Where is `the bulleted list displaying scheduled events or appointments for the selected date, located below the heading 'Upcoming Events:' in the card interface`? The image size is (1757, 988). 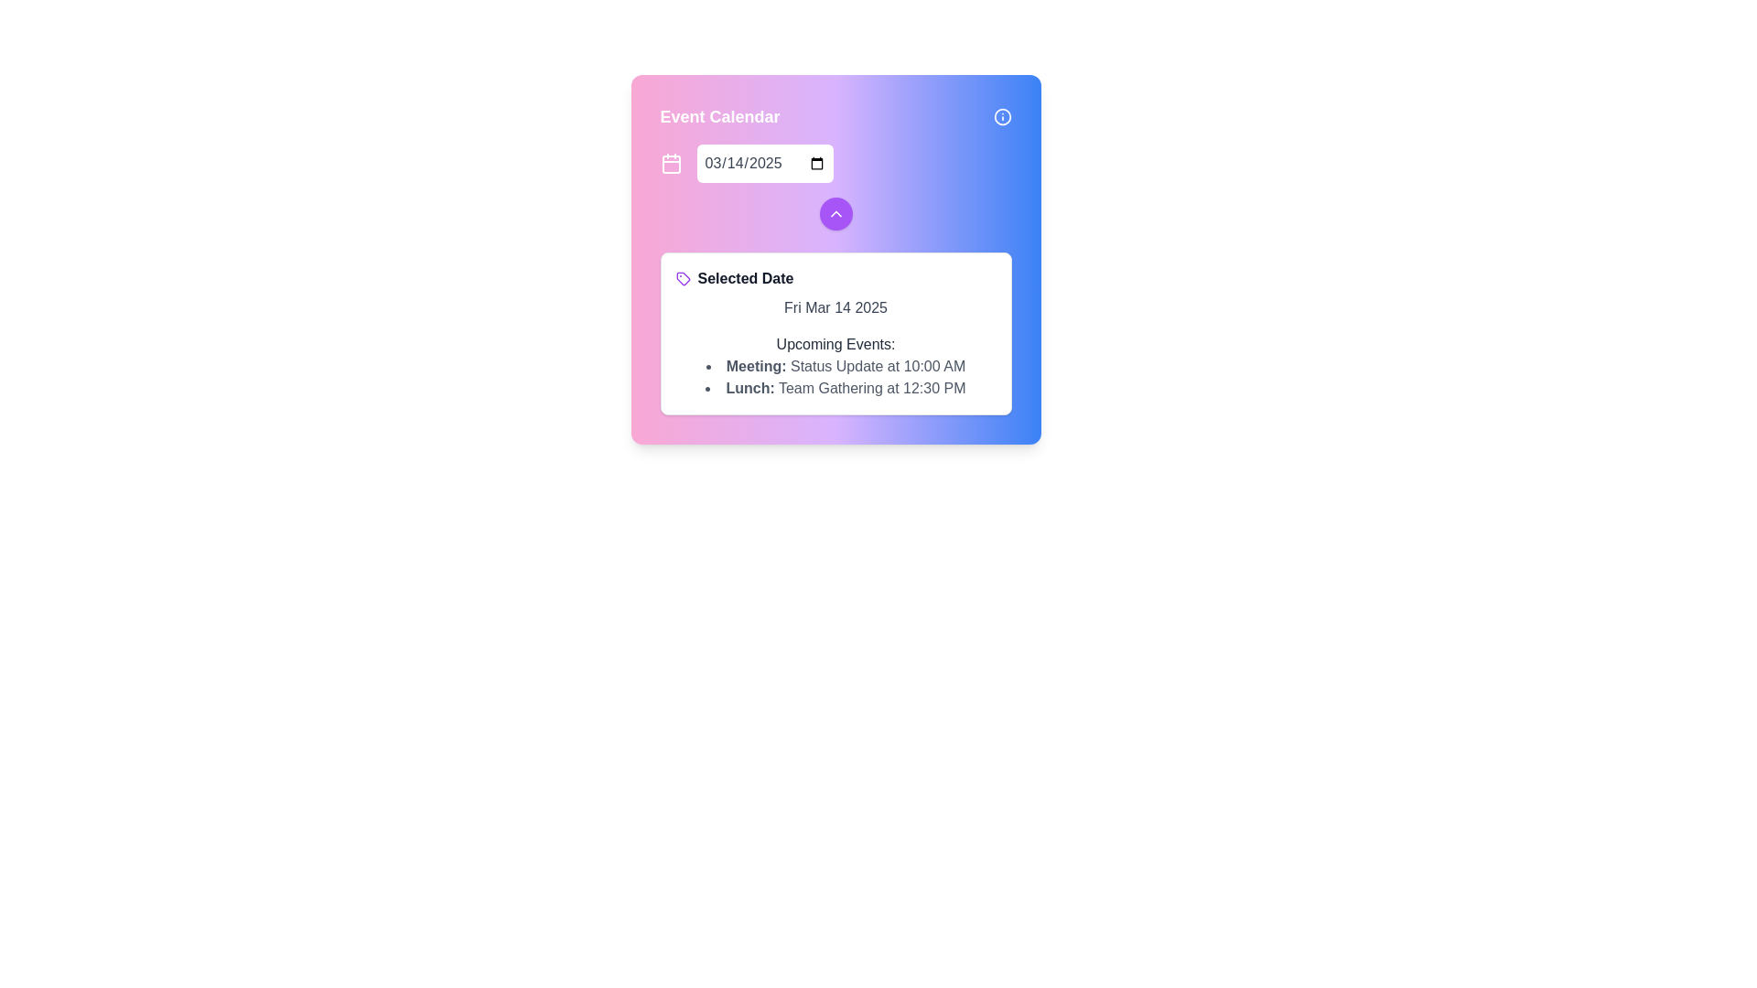
the bulleted list displaying scheduled events or appointments for the selected date, located below the heading 'Upcoming Events:' in the card interface is located at coordinates (835, 376).